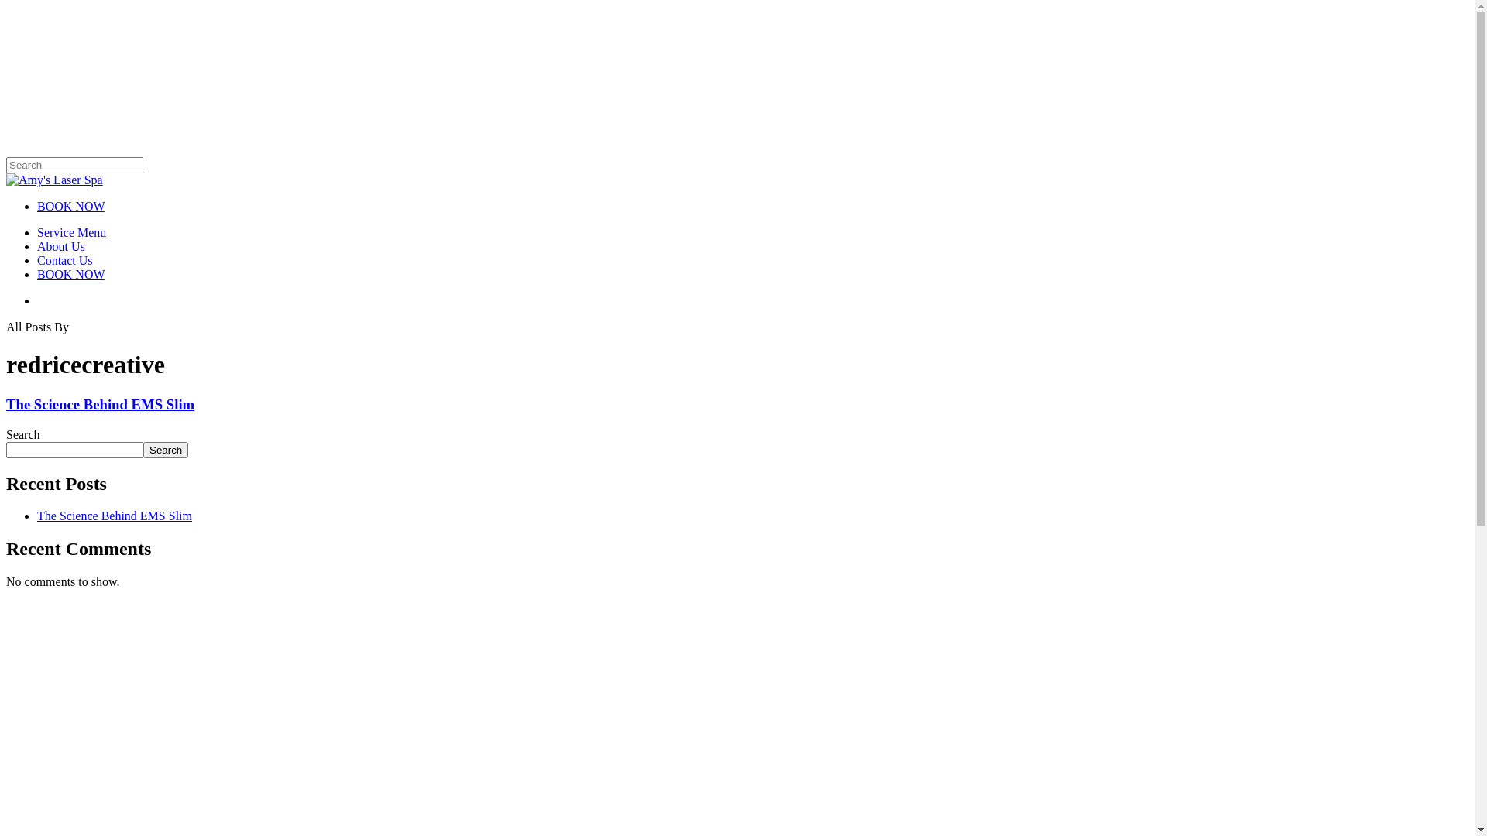 The width and height of the screenshot is (1487, 836). What do you see at coordinates (70, 273) in the screenshot?
I see `'BOOK NOW'` at bounding box center [70, 273].